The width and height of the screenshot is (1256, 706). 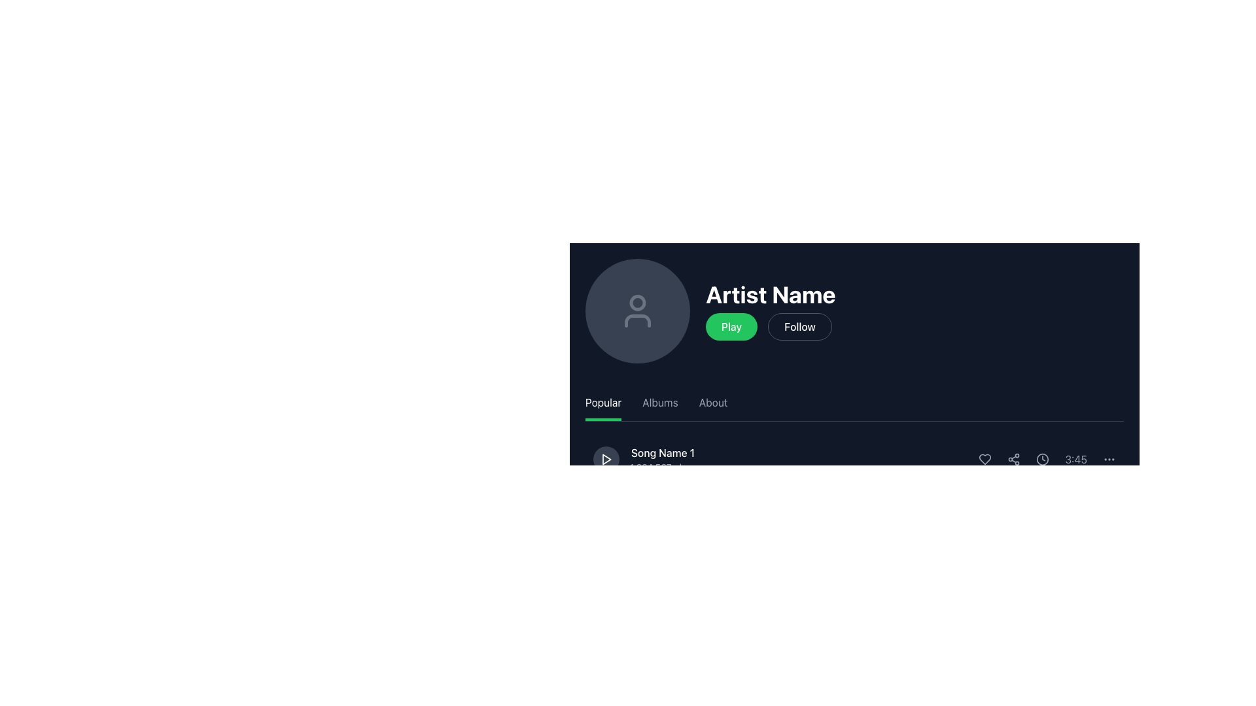 I want to click on the thin green horizontal bar at the bottom of the 'Popular' tab, which serves as a visual indicator, so click(x=602, y=419).